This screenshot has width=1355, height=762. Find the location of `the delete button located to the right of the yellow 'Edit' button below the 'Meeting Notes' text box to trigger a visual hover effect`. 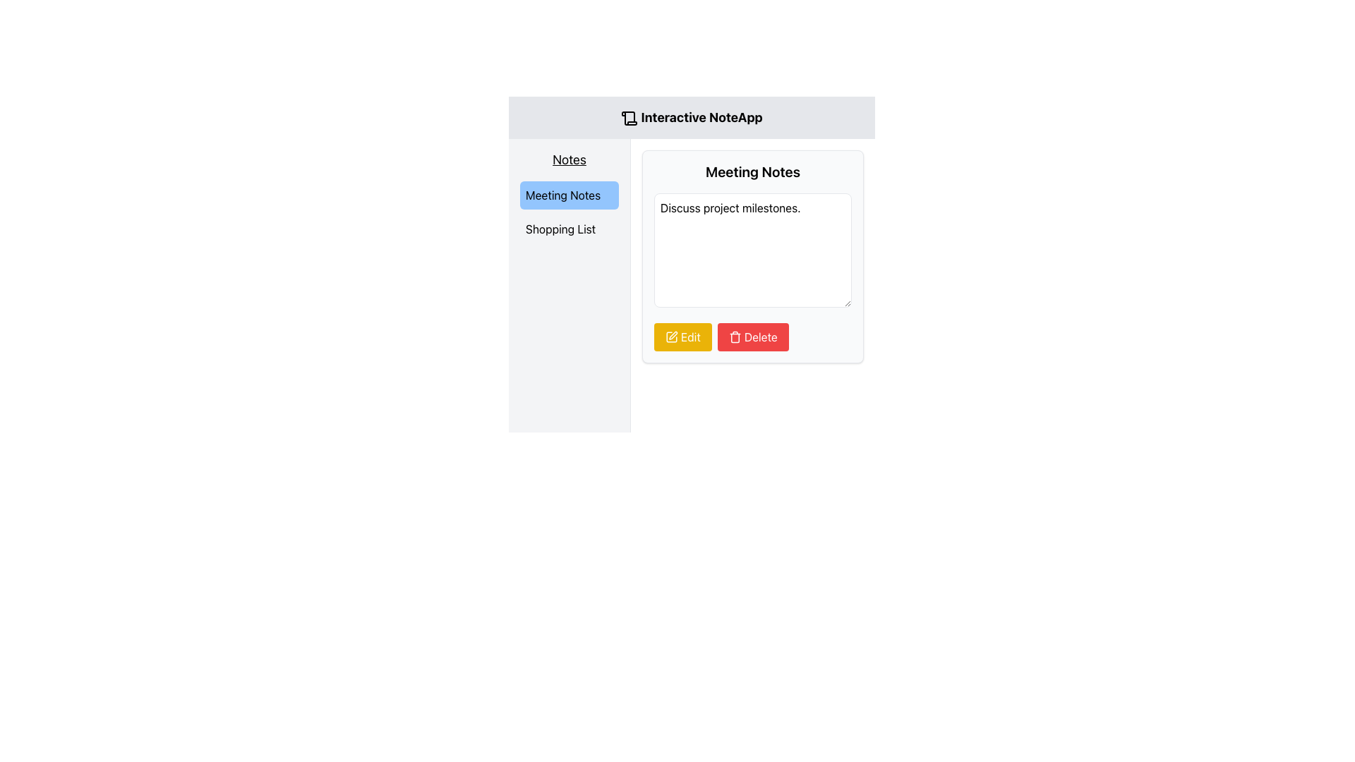

the delete button located to the right of the yellow 'Edit' button below the 'Meeting Notes' text box to trigger a visual hover effect is located at coordinates (752, 337).